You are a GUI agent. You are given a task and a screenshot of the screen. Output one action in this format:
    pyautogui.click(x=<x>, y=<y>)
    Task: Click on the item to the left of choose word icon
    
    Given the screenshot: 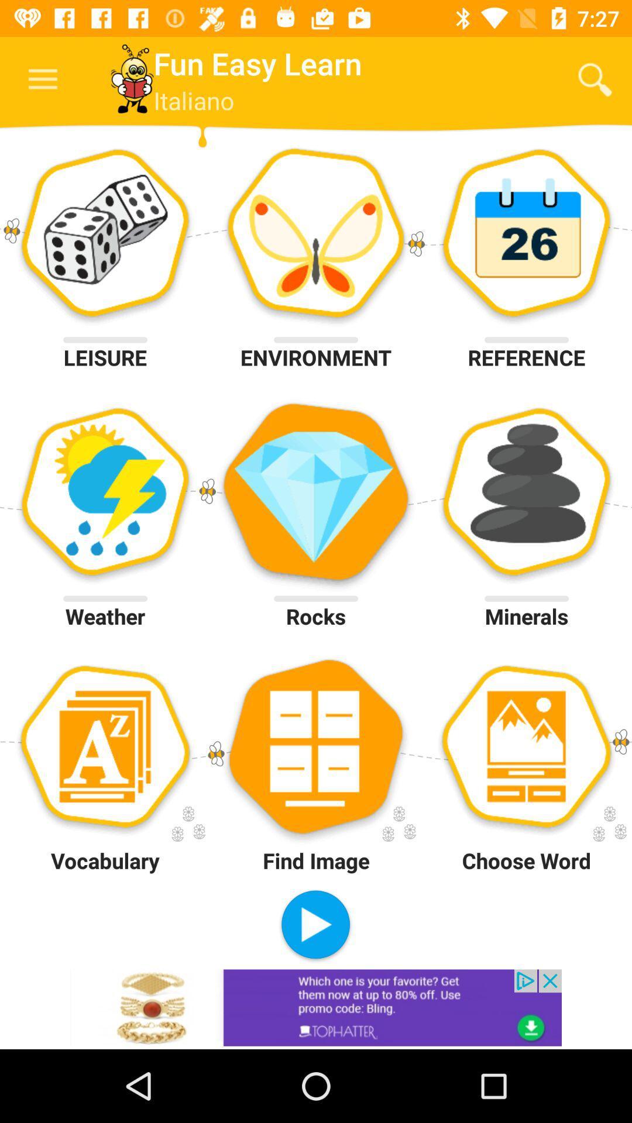 What is the action you would take?
    pyautogui.click(x=315, y=925)
    